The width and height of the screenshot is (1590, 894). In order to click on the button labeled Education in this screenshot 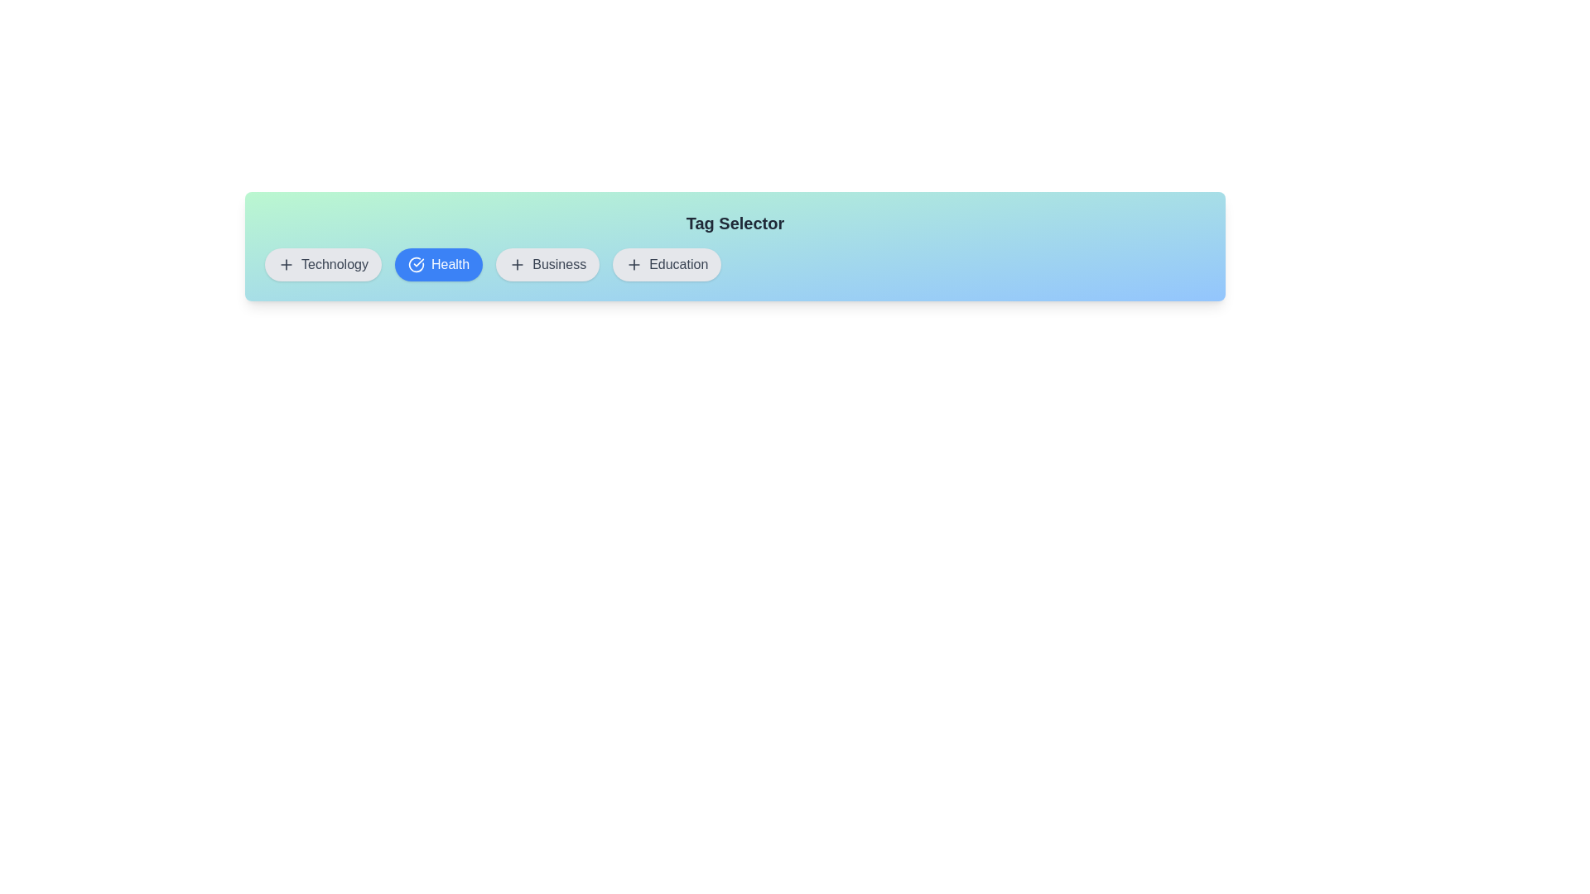, I will do `click(667, 264)`.